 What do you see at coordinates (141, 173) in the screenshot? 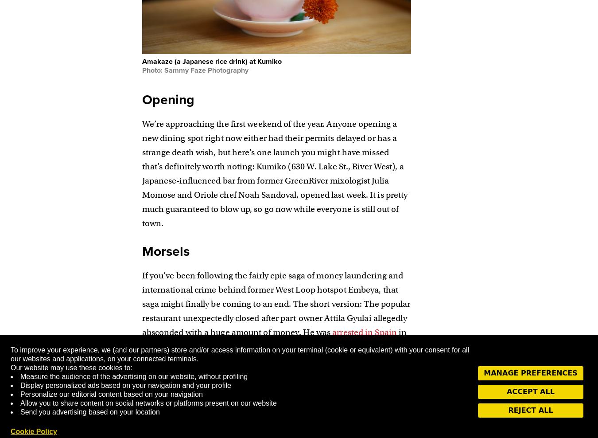
I see `'We’re approaching the first weekend of the year. Anyone opening a new dining spot right now either had their permits delayed or has a strange death wish, but here’s one launch you might have missed that’s definitely worth noting: Kumiko (630 W. Lake St., River West), a Japanese-influenced bar from former GreenRiver mixologist Julia Momose and Oriole chef Noah Sandoval, opened last week. It is pretty much guaranteed to blow up, so go now while everyone is still out of town.'` at bounding box center [141, 173].